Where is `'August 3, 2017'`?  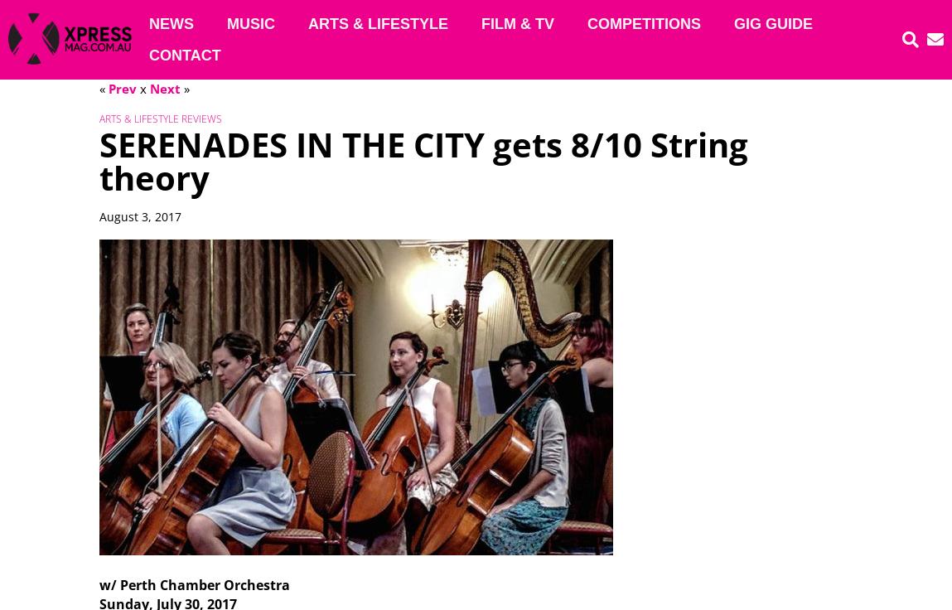
'August 3, 2017' is located at coordinates (138, 216).